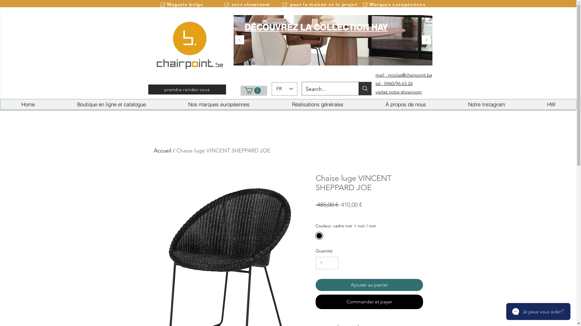  What do you see at coordinates (419, 13) in the screenshot?
I see `'Bouton J'aime Facebook'` at bounding box center [419, 13].